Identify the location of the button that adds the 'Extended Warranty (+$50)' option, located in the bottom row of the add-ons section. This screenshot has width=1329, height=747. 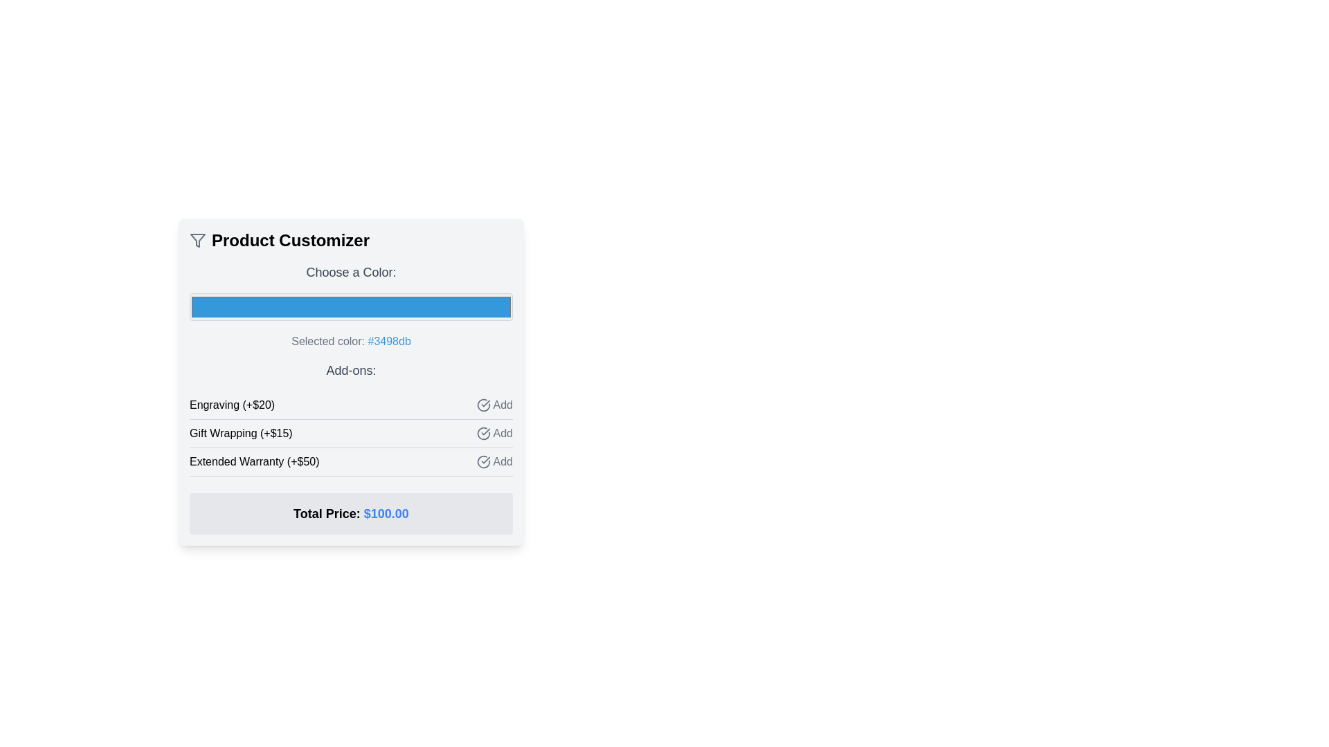
(494, 461).